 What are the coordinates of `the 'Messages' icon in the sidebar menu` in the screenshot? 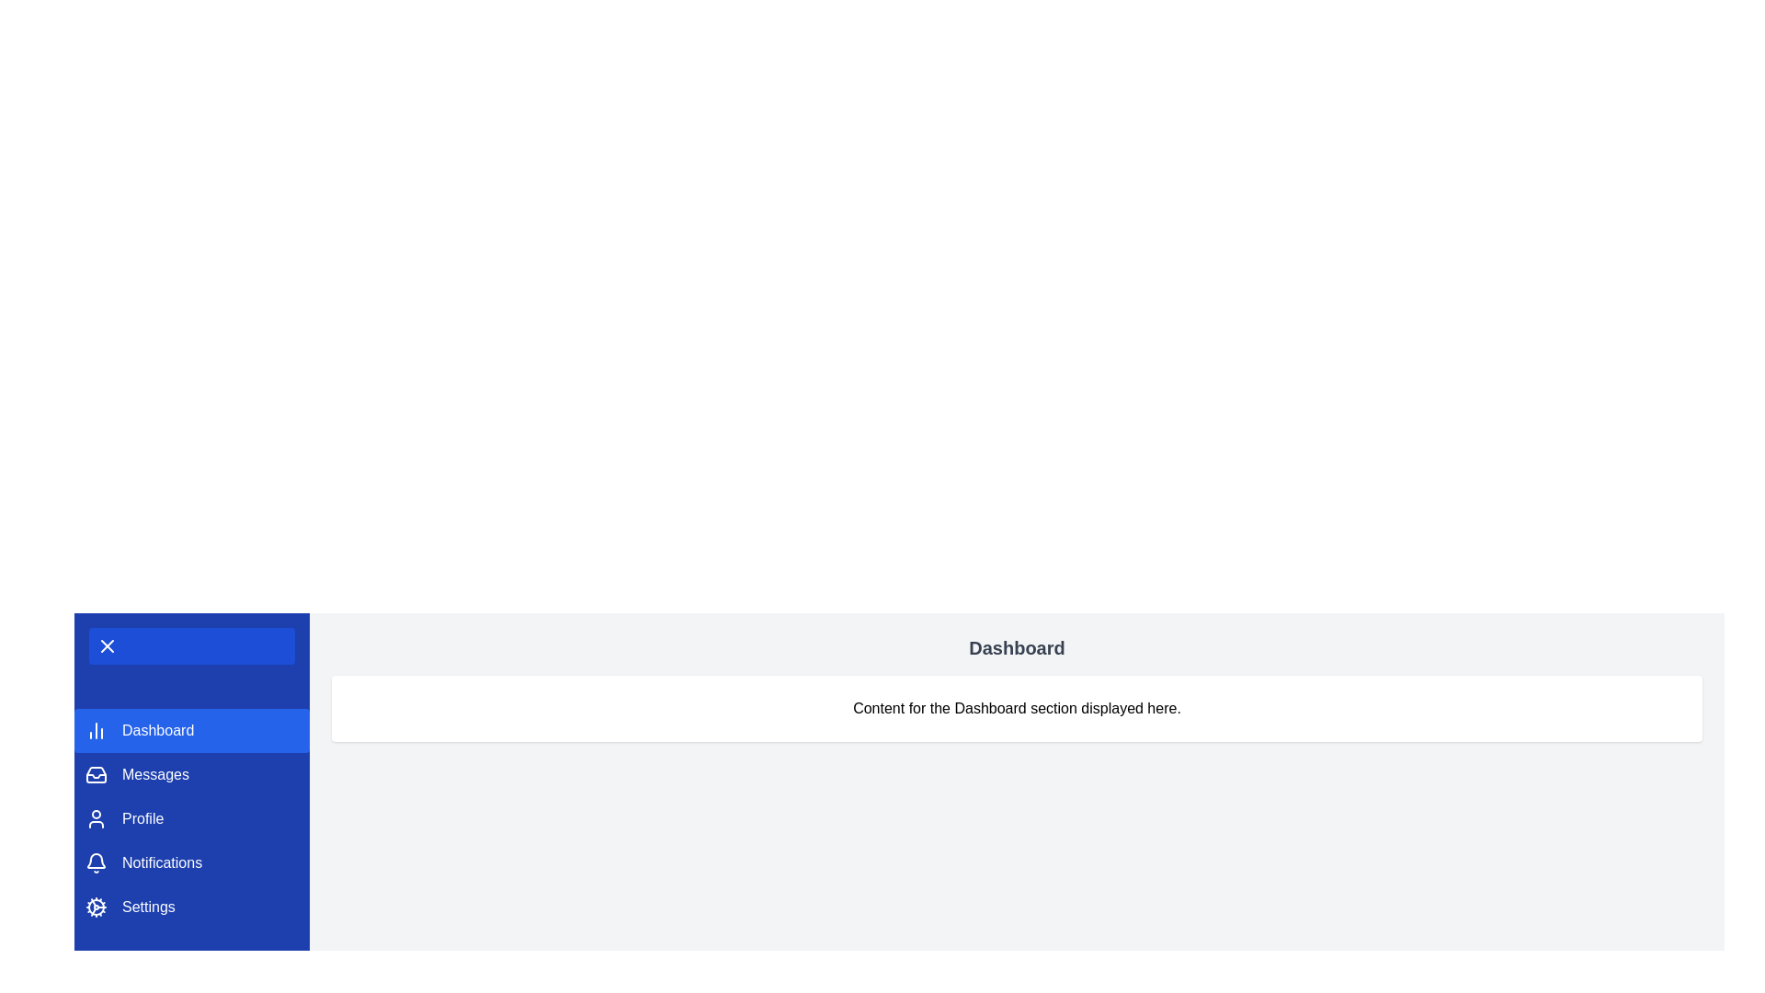 It's located at (96, 775).